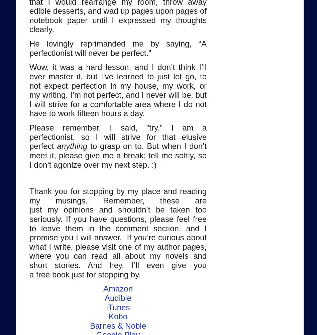  I want to click on 'Amazon', so click(118, 288).